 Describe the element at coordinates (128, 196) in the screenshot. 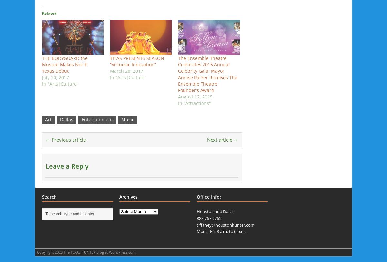

I see `'Archives'` at that location.